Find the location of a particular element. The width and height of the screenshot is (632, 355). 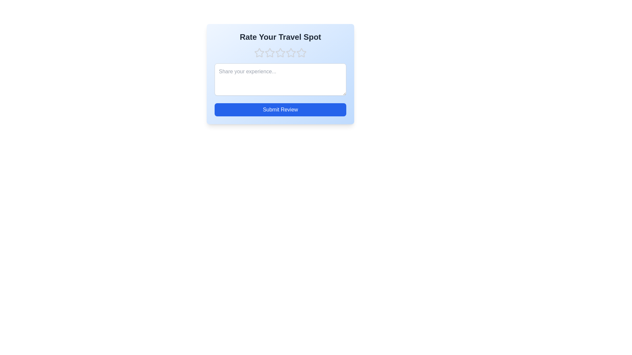

the travel spot rating to 4 stars by clicking on the corresponding star is located at coordinates (290, 53).